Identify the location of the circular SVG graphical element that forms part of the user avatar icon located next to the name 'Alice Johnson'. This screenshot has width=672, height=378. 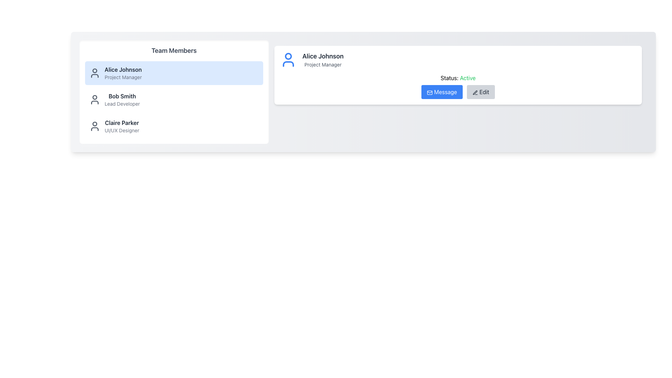
(288, 56).